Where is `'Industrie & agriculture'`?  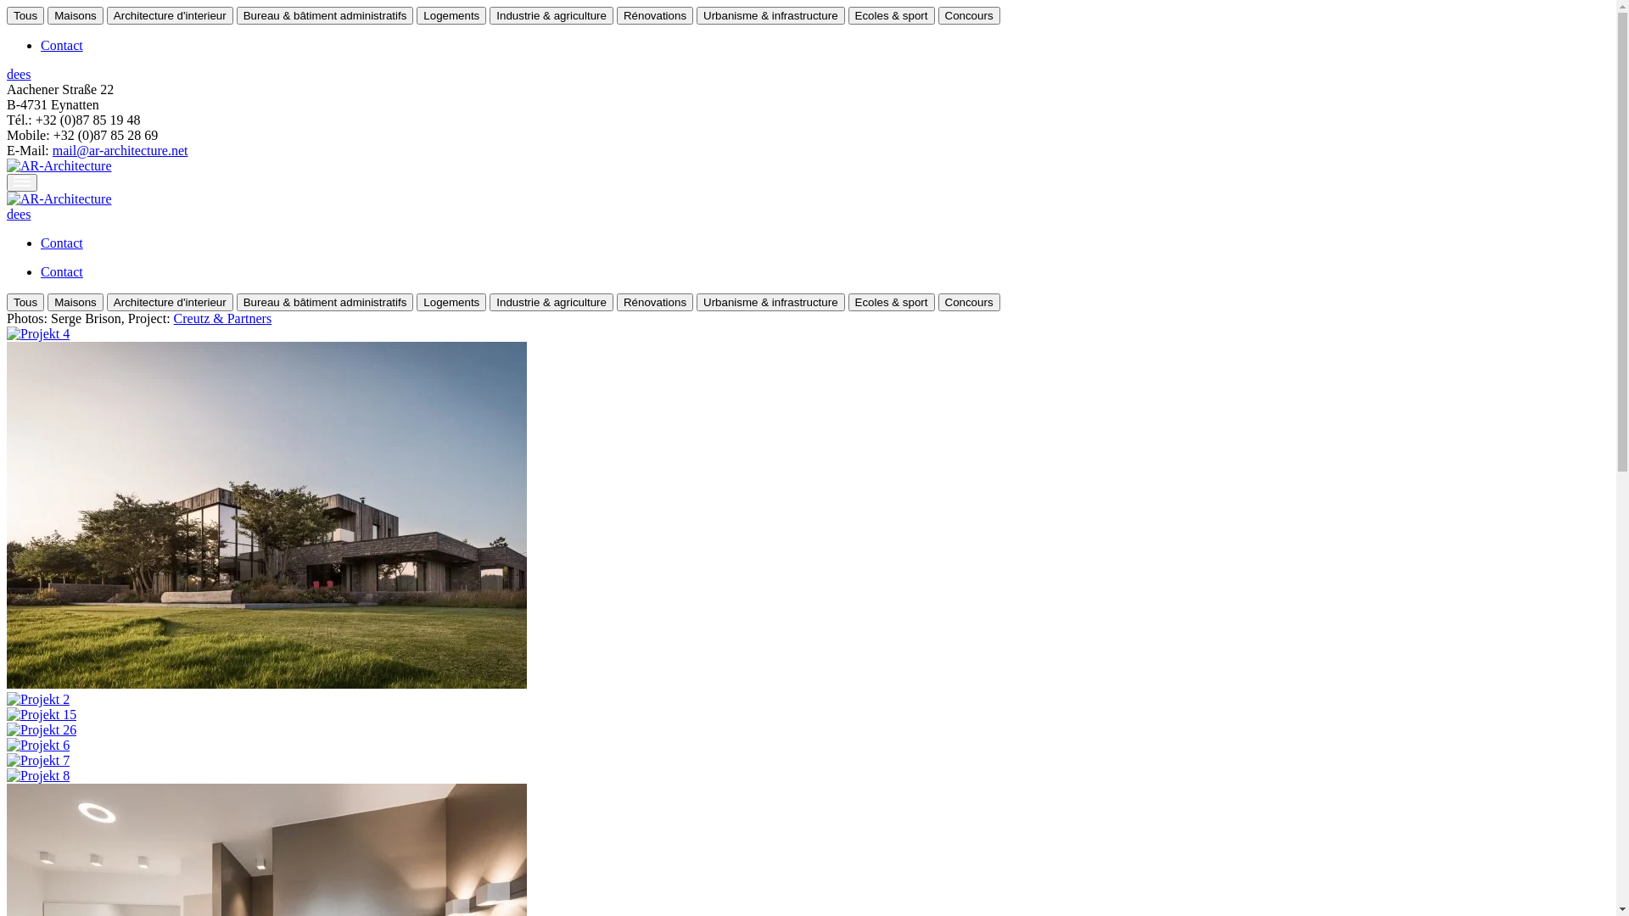
'Industrie & agriculture' is located at coordinates (551, 301).